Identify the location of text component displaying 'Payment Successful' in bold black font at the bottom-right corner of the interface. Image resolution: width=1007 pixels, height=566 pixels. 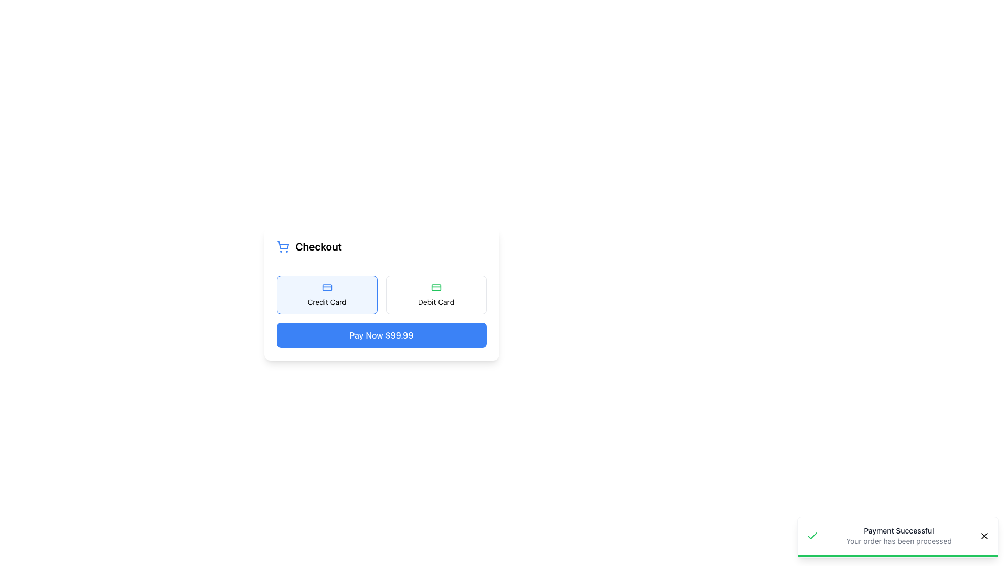
(898, 531).